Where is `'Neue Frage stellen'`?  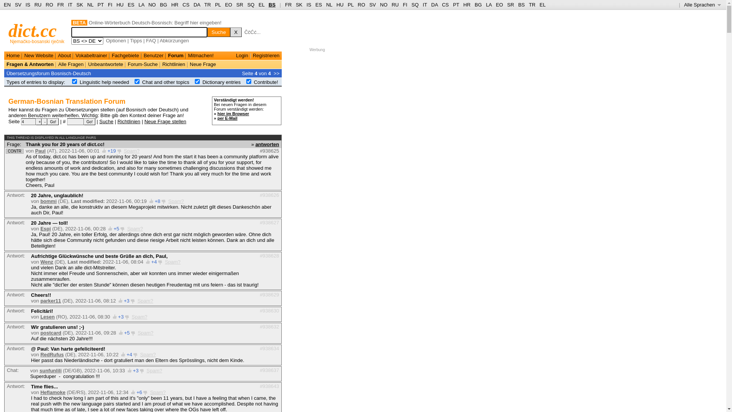 'Neue Frage stellen' is located at coordinates (165, 121).